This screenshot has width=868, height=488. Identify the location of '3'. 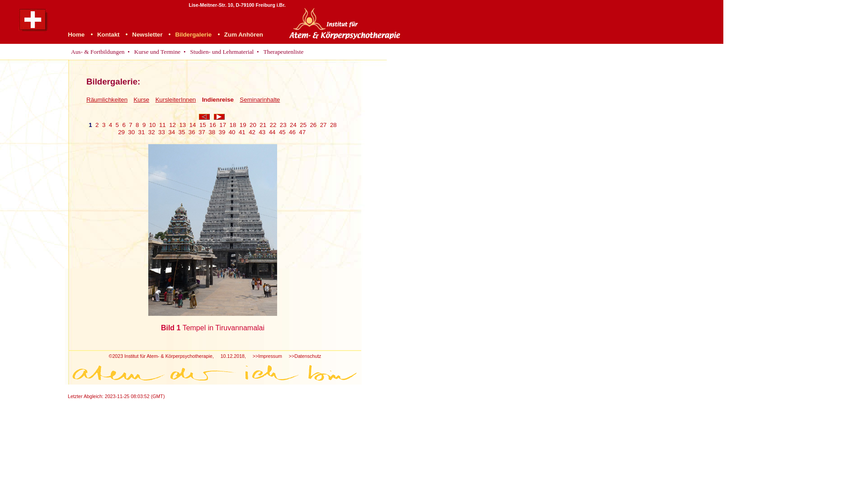
(104, 125).